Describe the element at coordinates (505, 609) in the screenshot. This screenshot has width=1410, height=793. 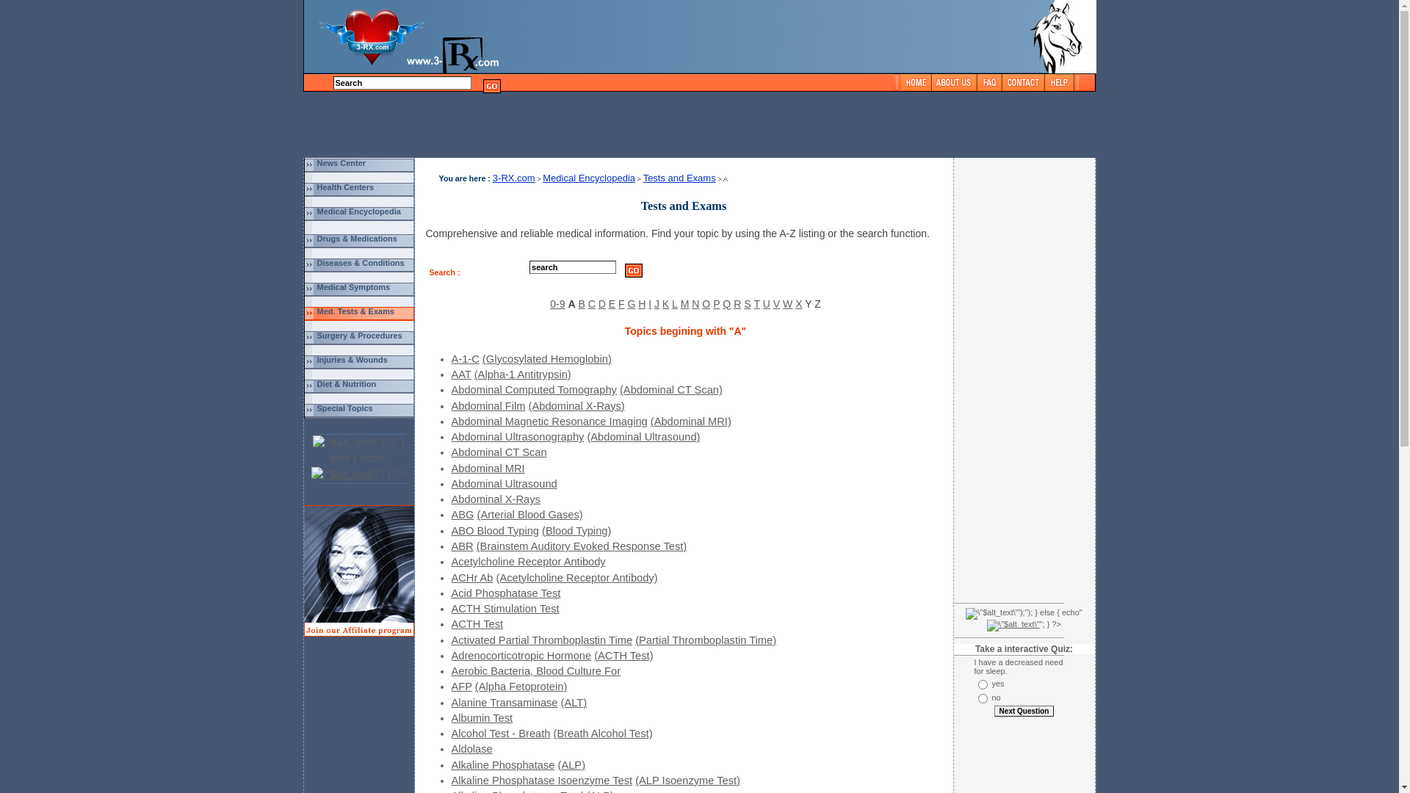
I see `'ACTH Stimulation Test'` at that location.